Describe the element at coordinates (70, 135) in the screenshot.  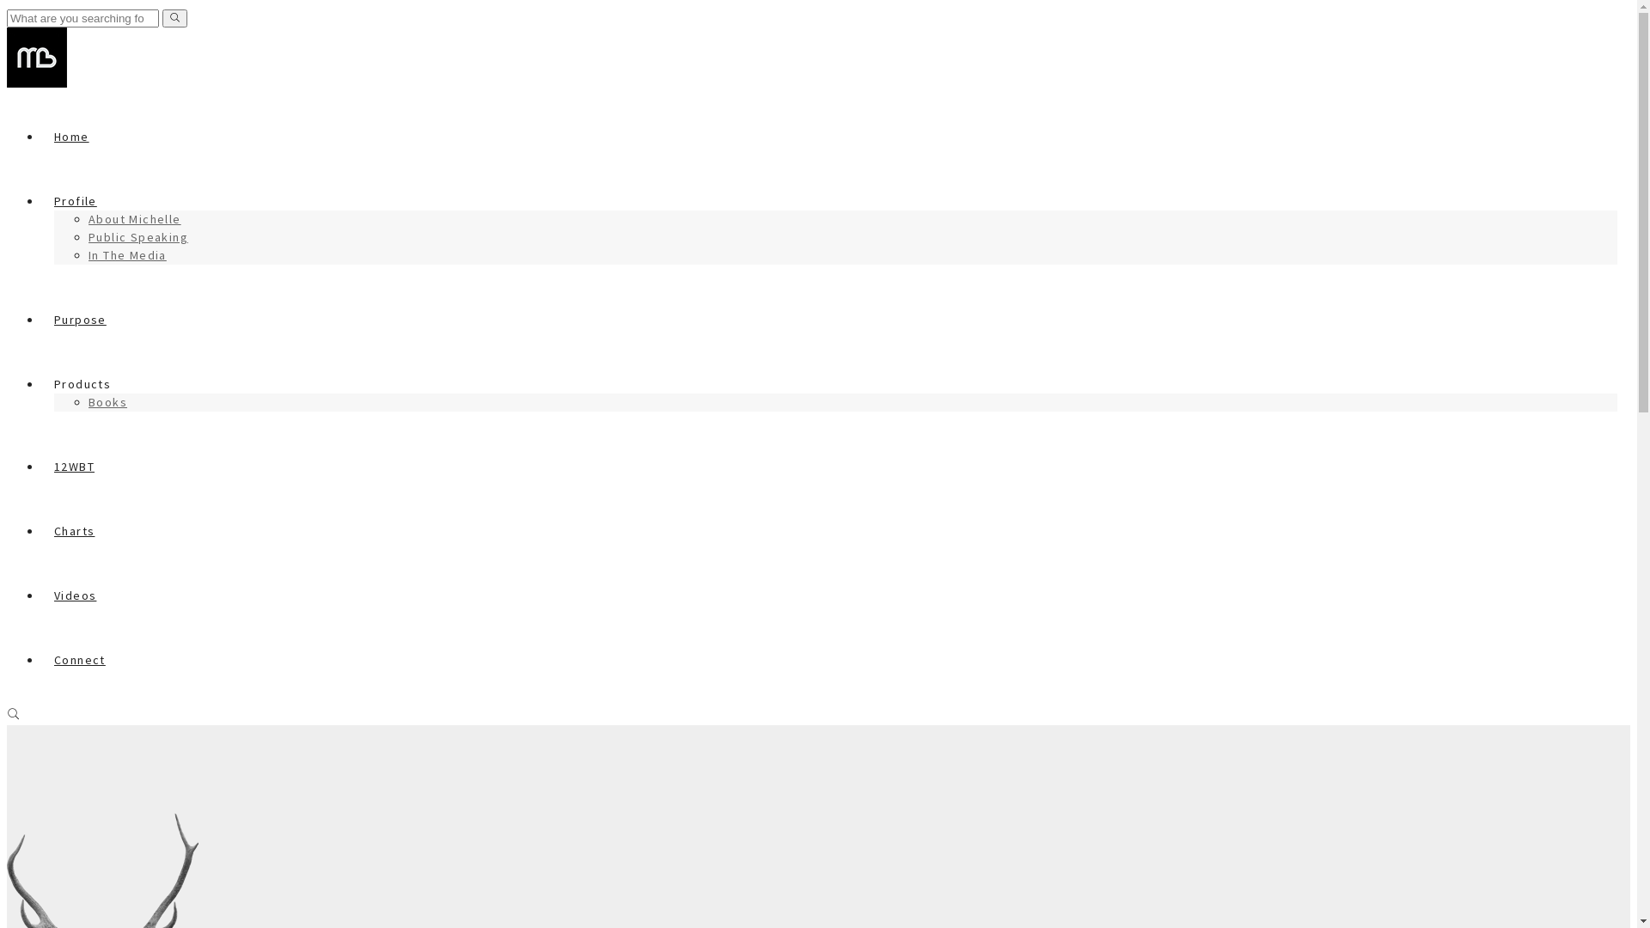
I see `'Home'` at that location.